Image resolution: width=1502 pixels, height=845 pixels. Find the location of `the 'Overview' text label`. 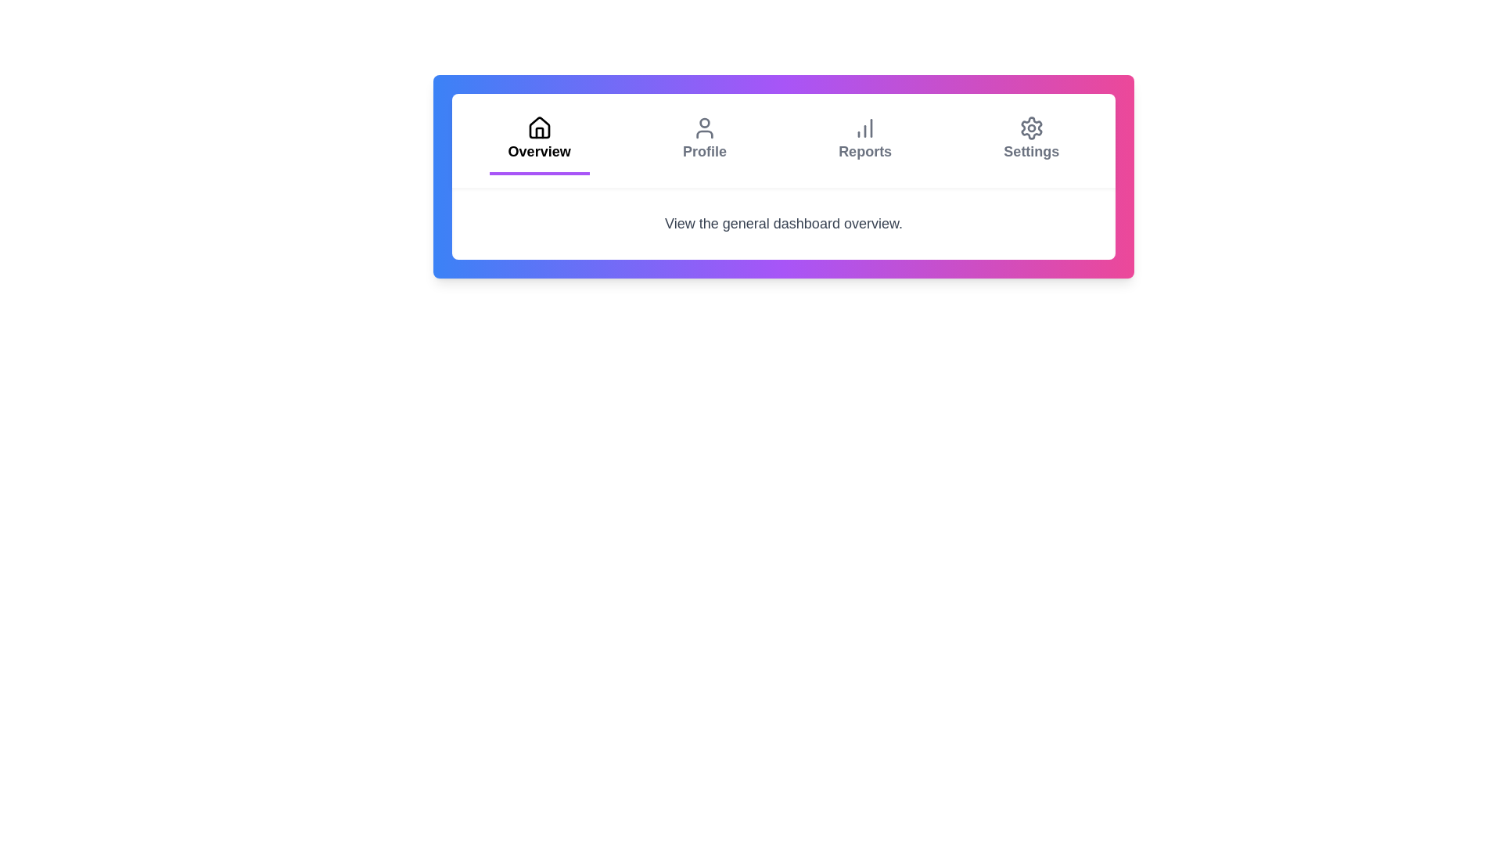

the 'Overview' text label is located at coordinates (539, 151).